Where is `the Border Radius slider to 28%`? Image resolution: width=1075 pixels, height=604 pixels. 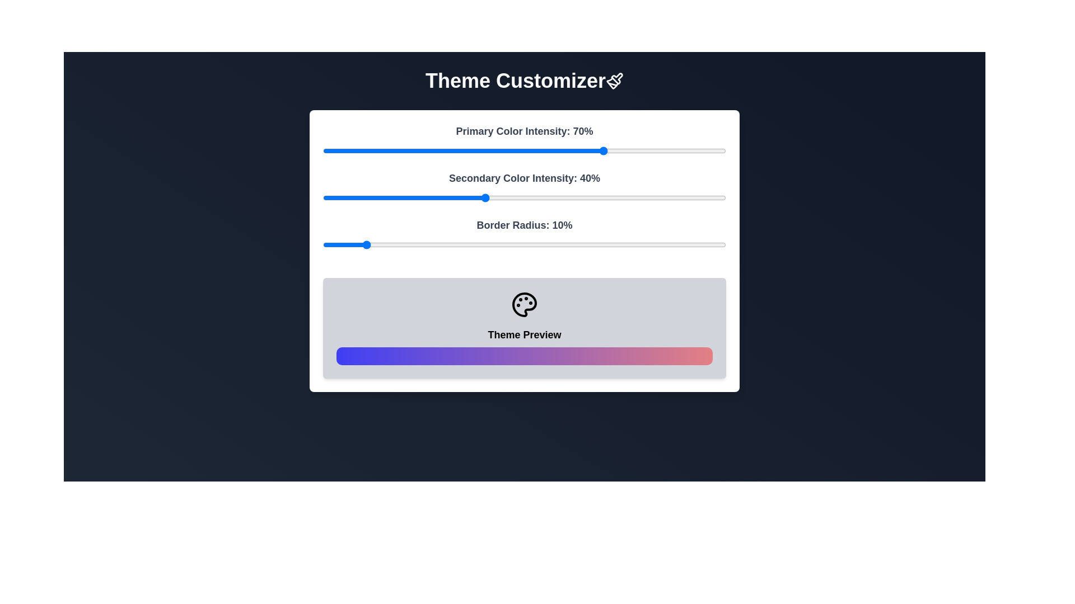 the Border Radius slider to 28% is located at coordinates (435, 244).